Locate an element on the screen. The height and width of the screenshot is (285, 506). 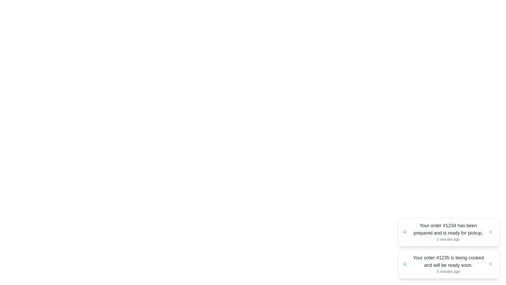
the text element displaying the message 'Your order #1234 has been prepared and is ready for pickup.' within the notification component is located at coordinates (448, 232).